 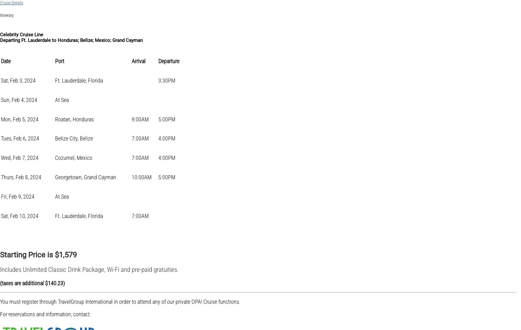 I want to click on 'Cozumel, Mexico', so click(x=74, y=158).